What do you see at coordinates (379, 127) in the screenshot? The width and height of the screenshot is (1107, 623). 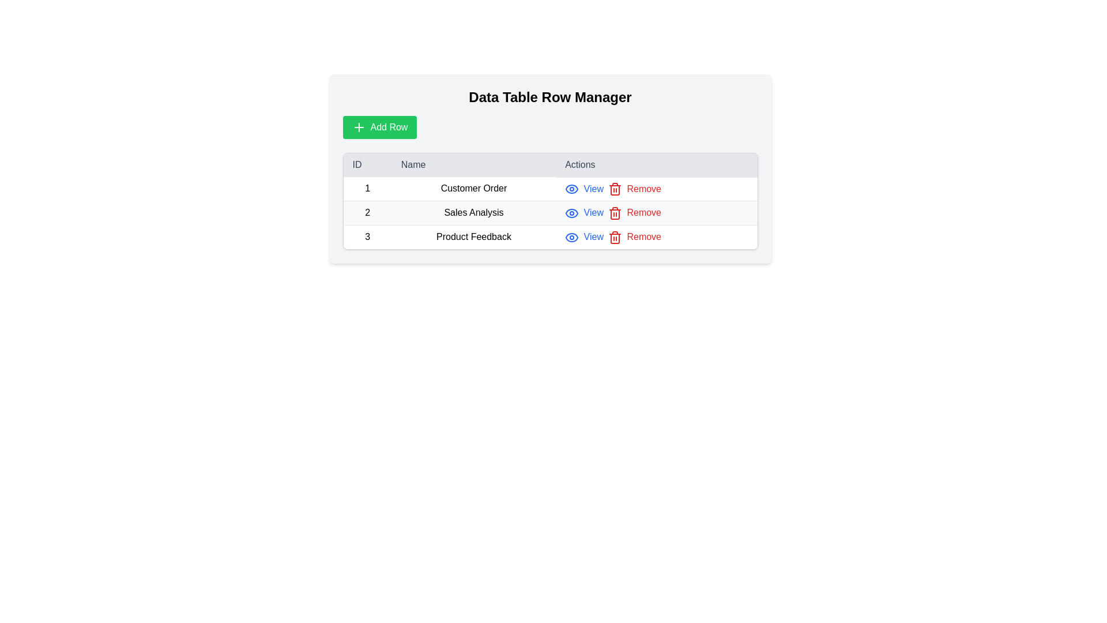 I see `the 'Add Row' button located beneath the title 'Data Table Row Manager'` at bounding box center [379, 127].